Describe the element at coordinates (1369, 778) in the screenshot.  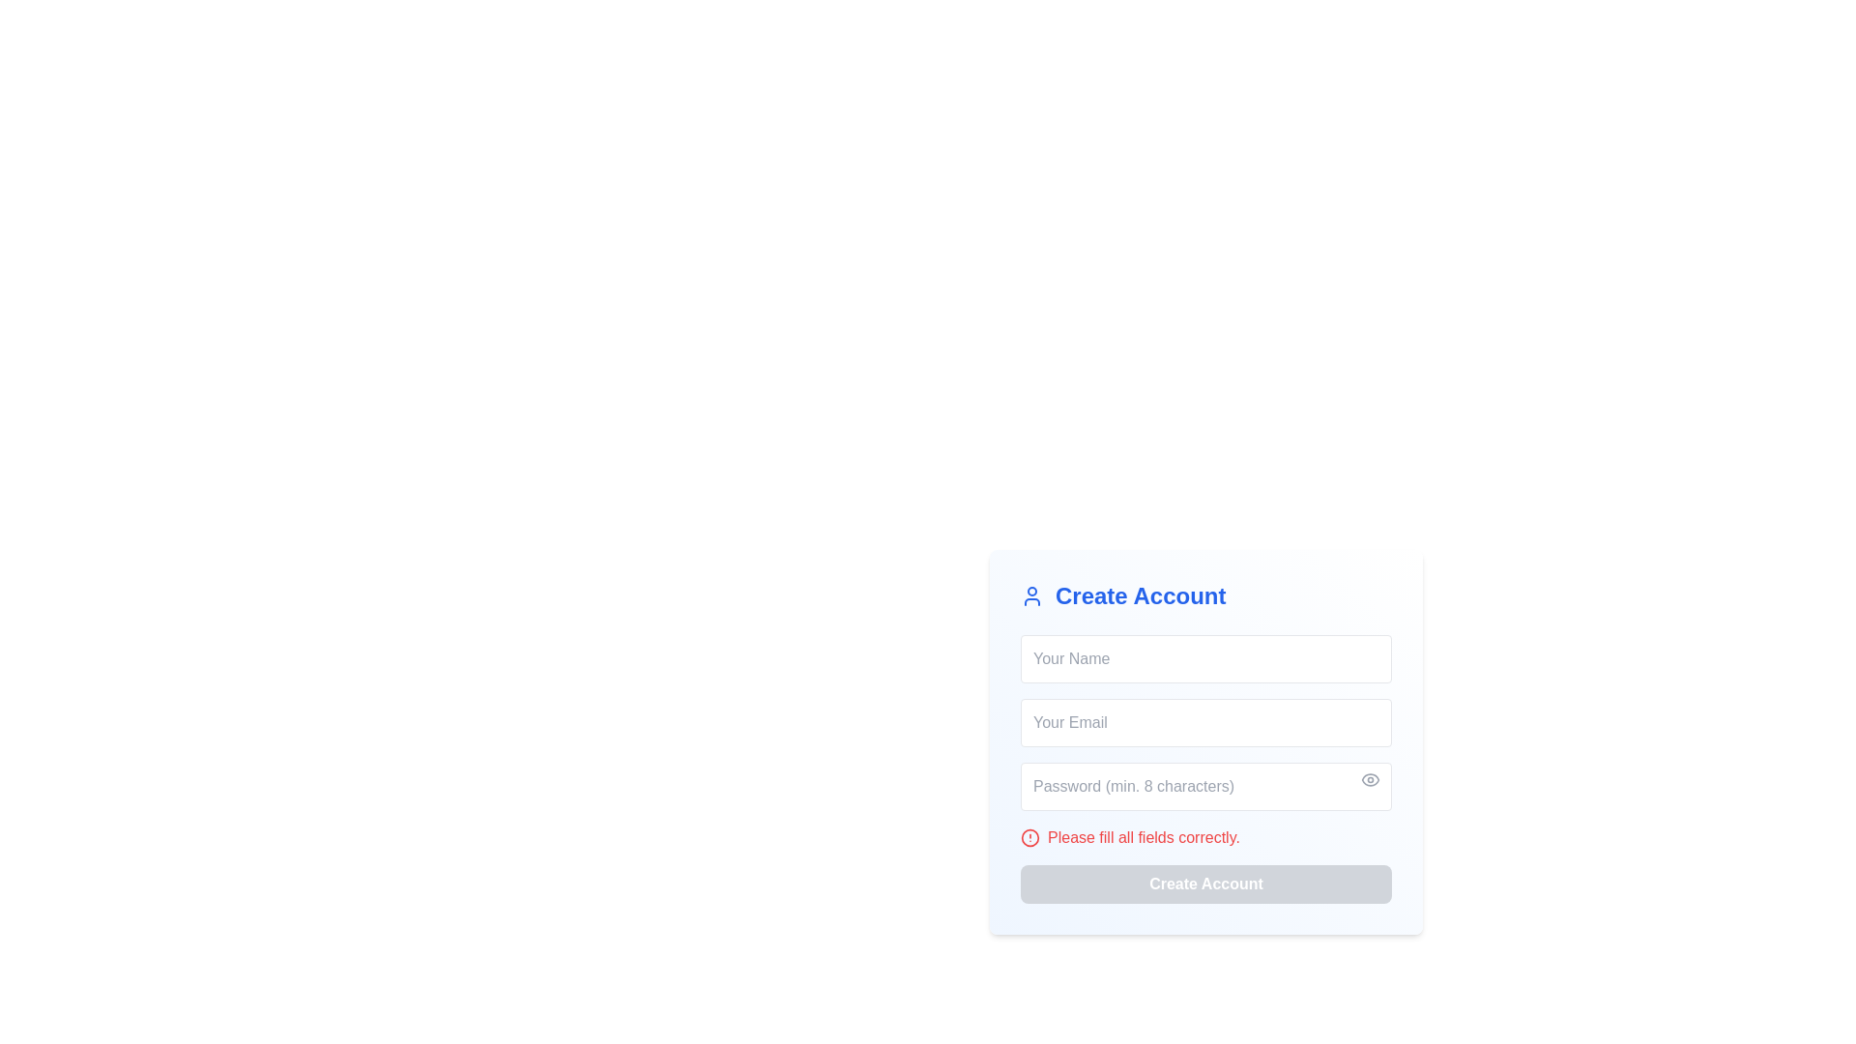
I see `the eye icon button in the top-right corner of the password input field` at that location.